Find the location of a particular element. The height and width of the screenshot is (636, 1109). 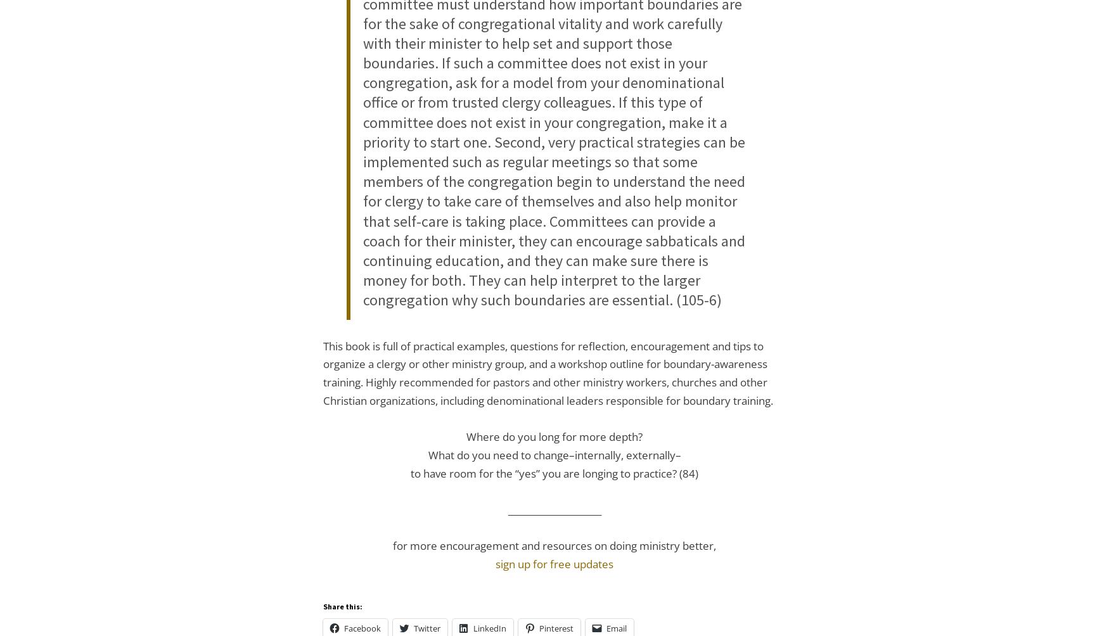

'Pinterest' is located at coordinates (555, 627).